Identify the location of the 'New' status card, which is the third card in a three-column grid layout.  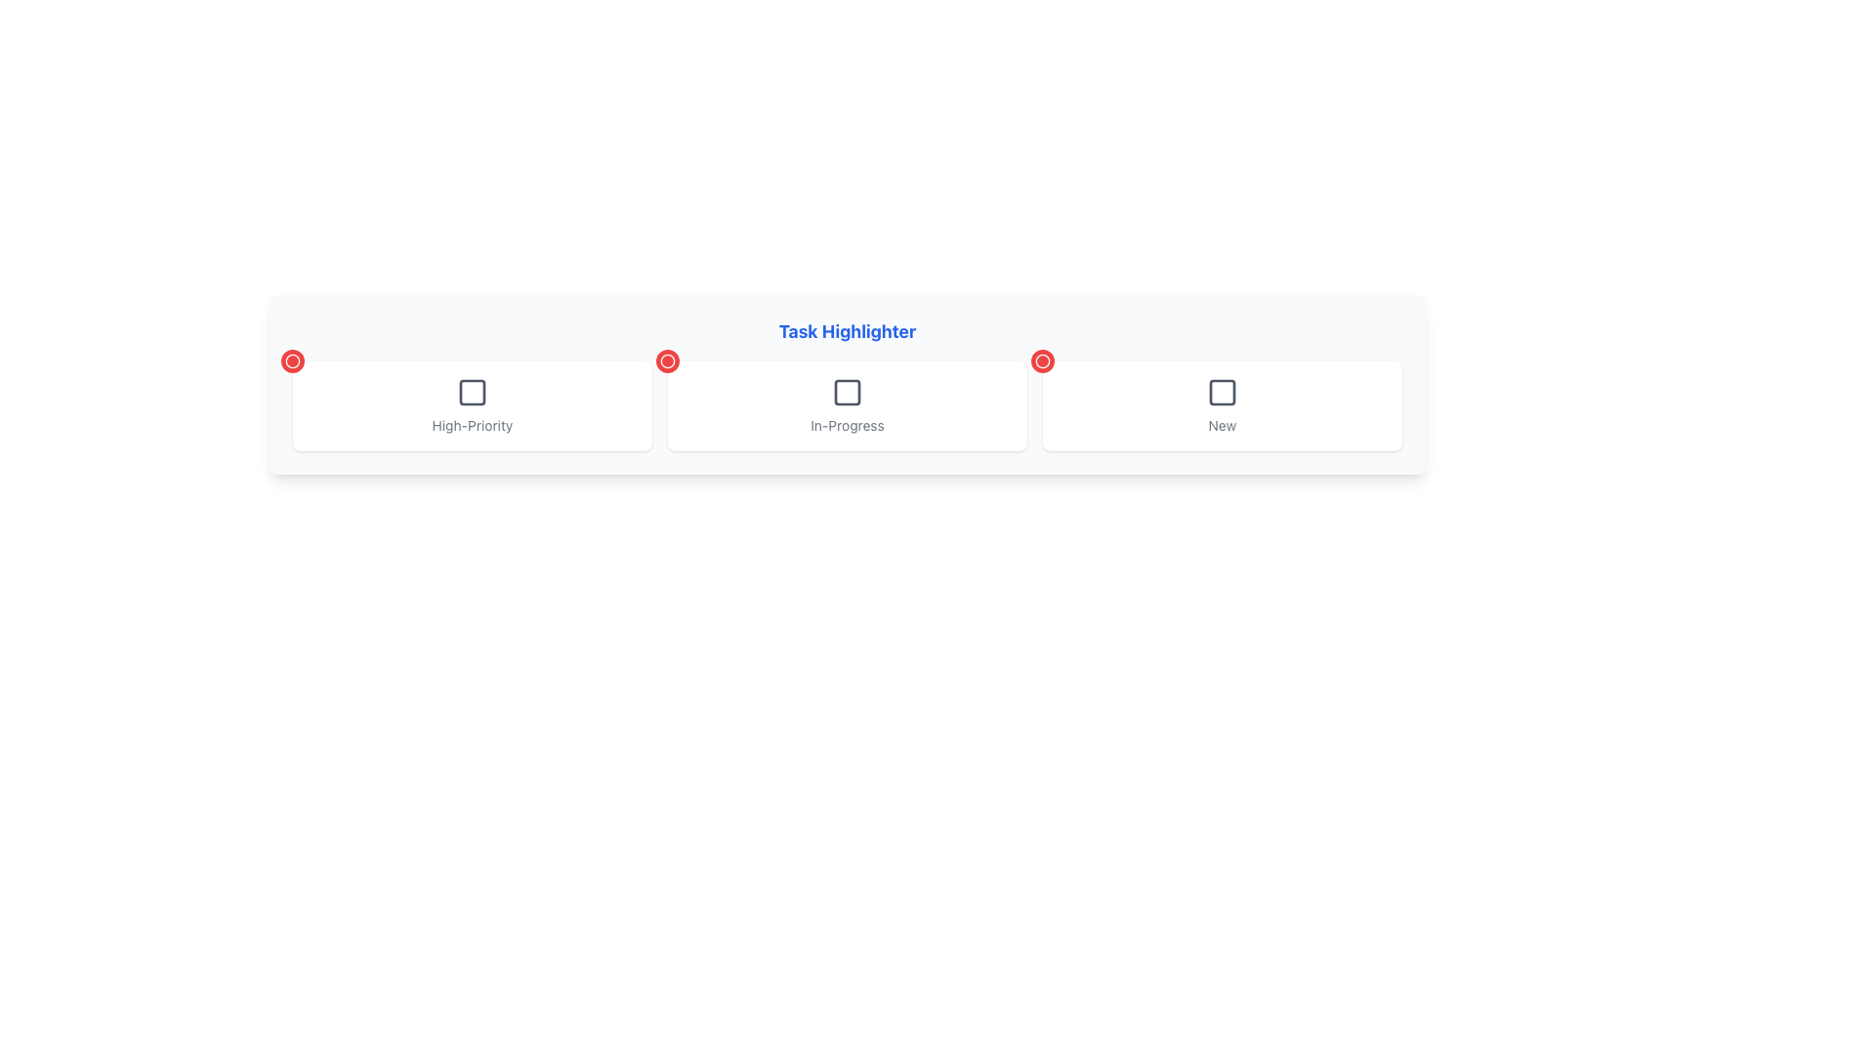
(1222, 405).